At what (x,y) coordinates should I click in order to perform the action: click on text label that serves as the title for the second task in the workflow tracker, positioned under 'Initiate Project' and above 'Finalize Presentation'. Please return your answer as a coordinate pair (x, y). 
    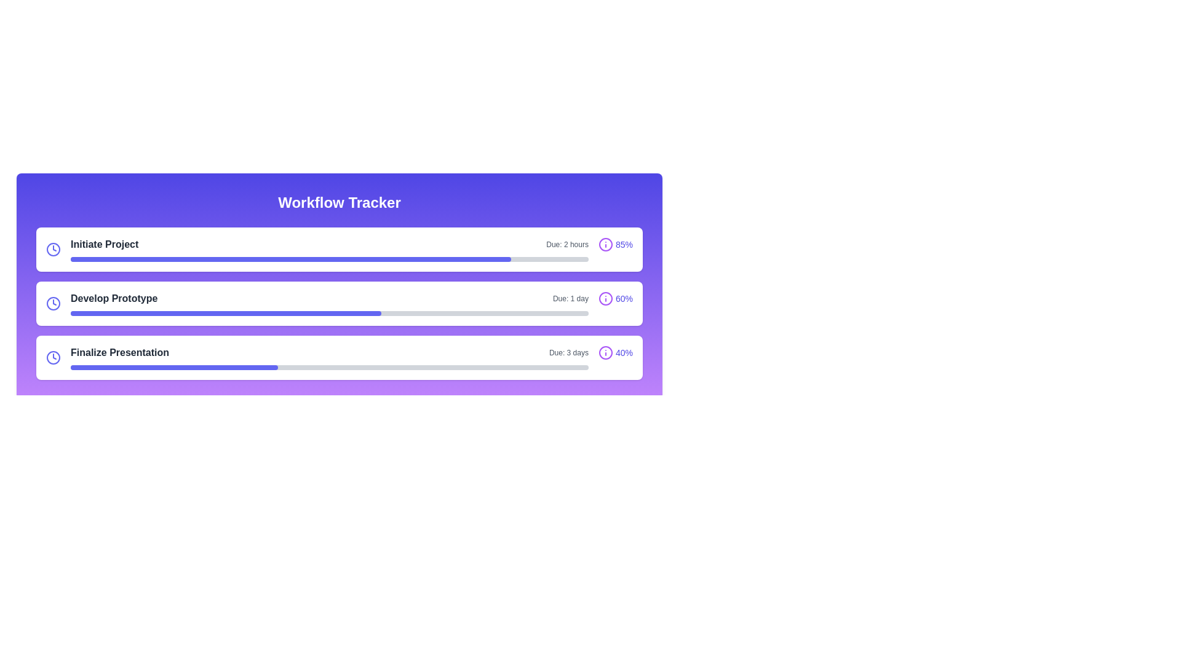
    Looking at the image, I should click on (114, 299).